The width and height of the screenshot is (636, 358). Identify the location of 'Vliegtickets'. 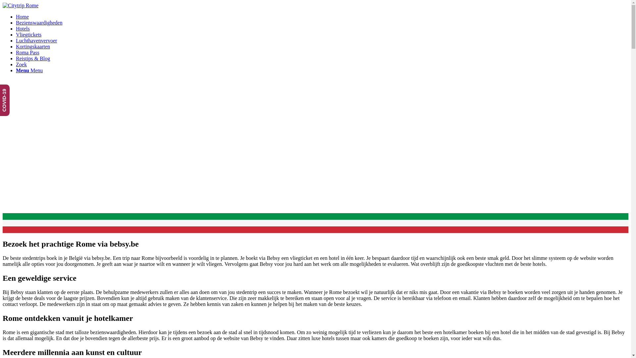
(28, 34).